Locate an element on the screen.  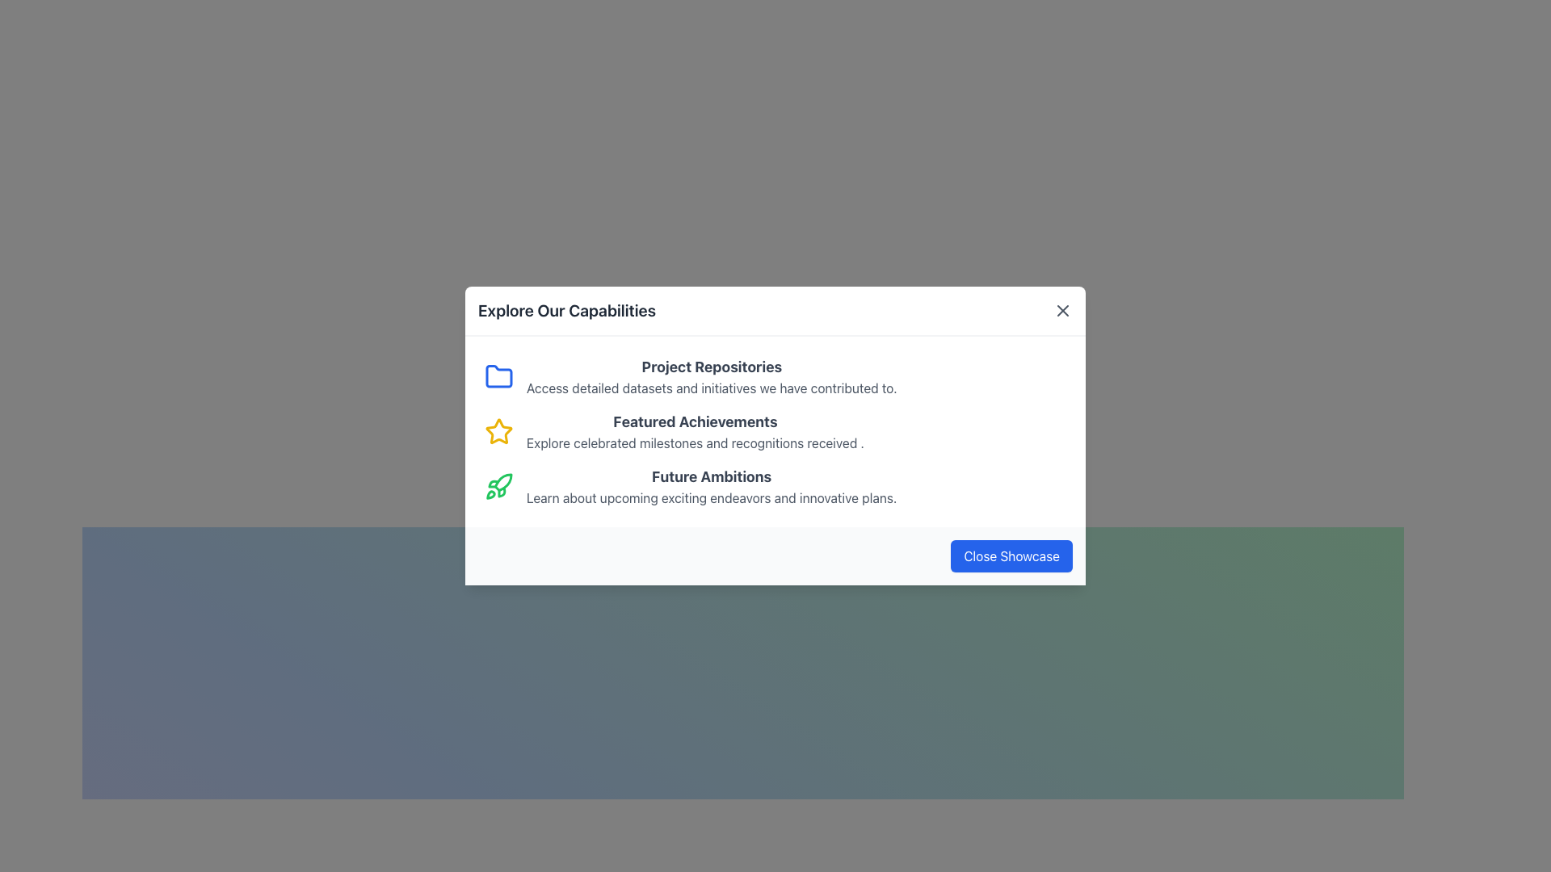
Line element forming part of the close button 'X' in the top-right corner of the modal window, which is associated with dismissing the modal titled 'Explore Our Capabilities' is located at coordinates (1062, 311).